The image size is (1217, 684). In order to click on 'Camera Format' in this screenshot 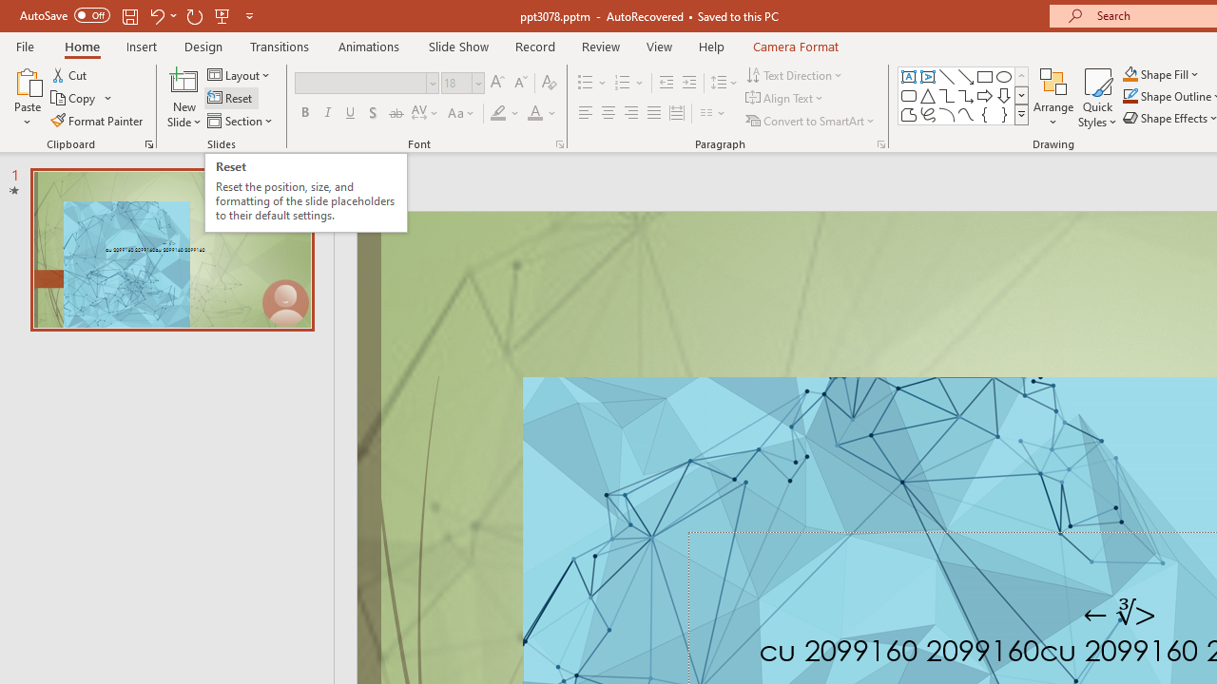, I will do `click(796, 46)`.